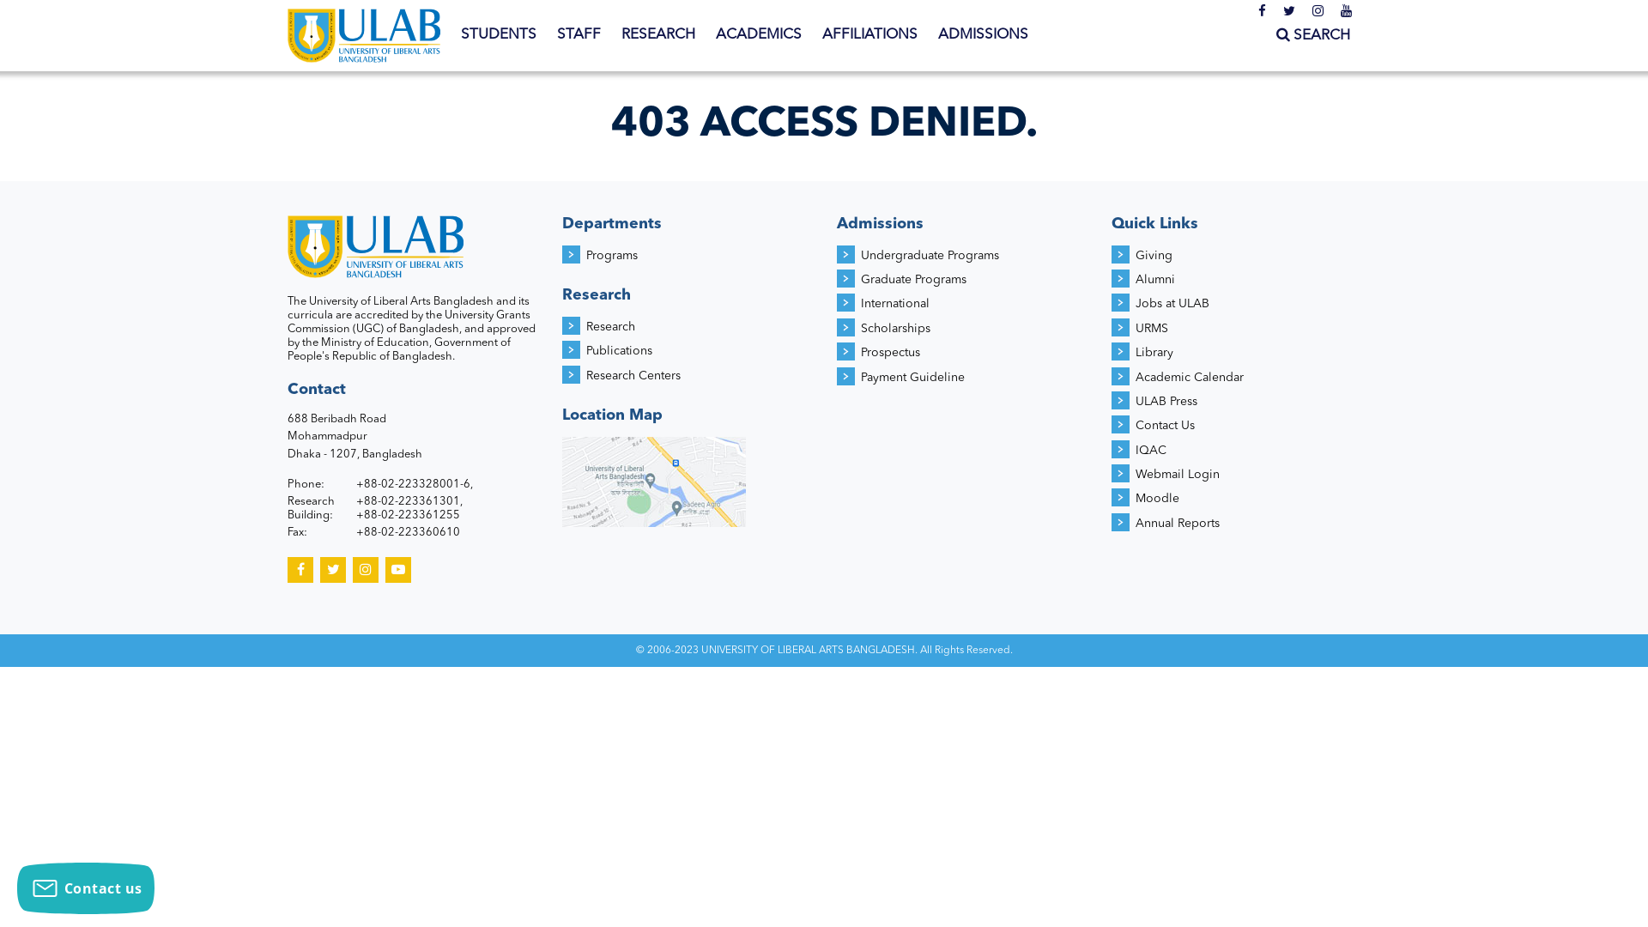  Describe the element at coordinates (1165, 425) in the screenshot. I see `'Contact Us'` at that location.